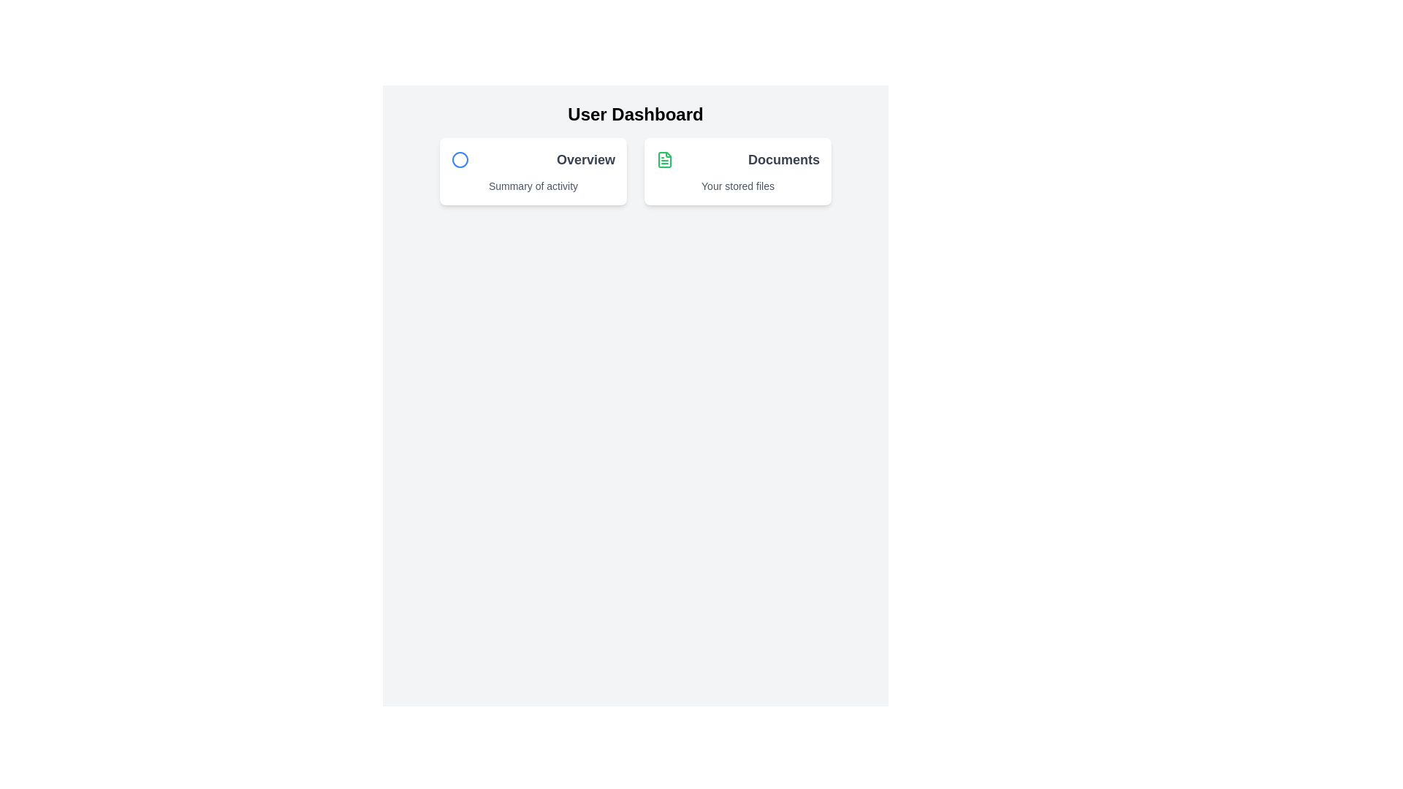 This screenshot has height=789, width=1403. What do you see at coordinates (459, 160) in the screenshot?
I see `the icon located in the left card under the 'User Dashboard' title, positioned above the 'Summary of activity' text` at bounding box center [459, 160].